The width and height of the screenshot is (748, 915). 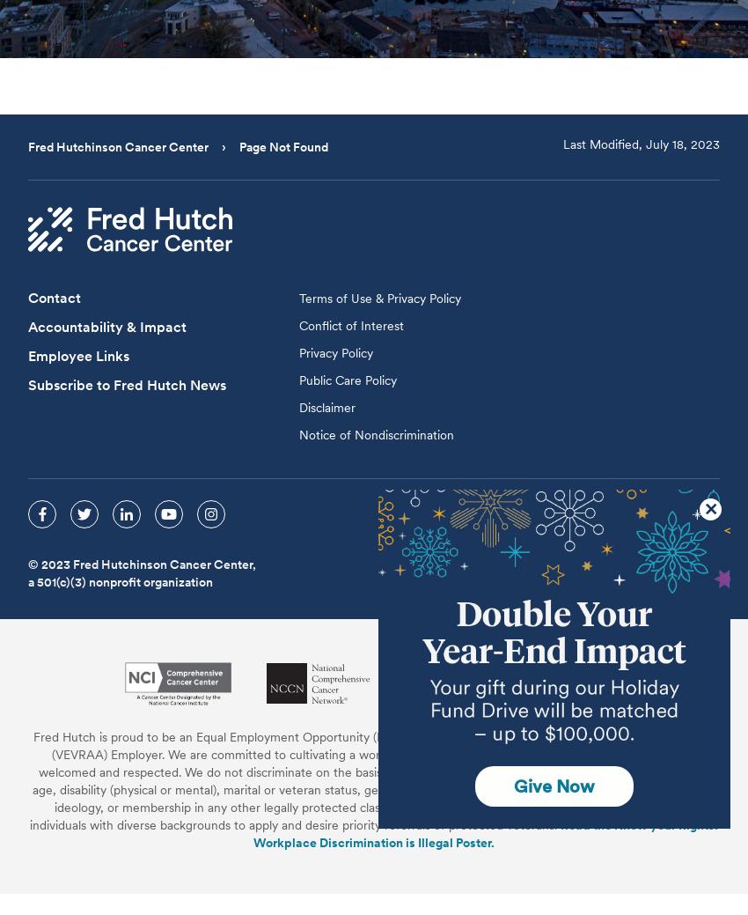 I want to click on 'Privacy Policy', so click(x=334, y=351).